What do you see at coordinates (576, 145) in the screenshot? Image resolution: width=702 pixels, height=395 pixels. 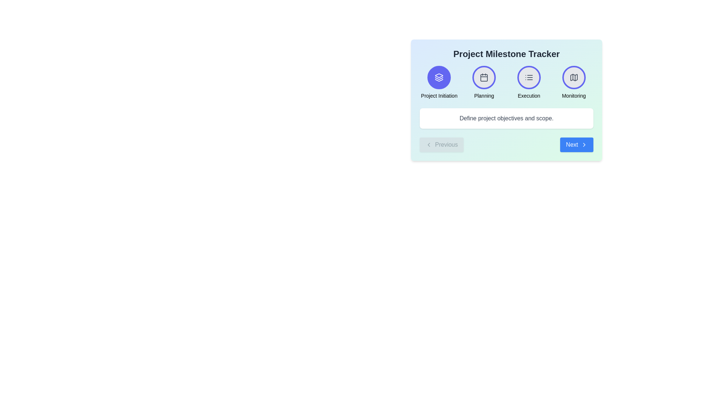 I see `the blue button labeled 'Next' with rounded corners located at the bottom-right section of the interface` at bounding box center [576, 145].